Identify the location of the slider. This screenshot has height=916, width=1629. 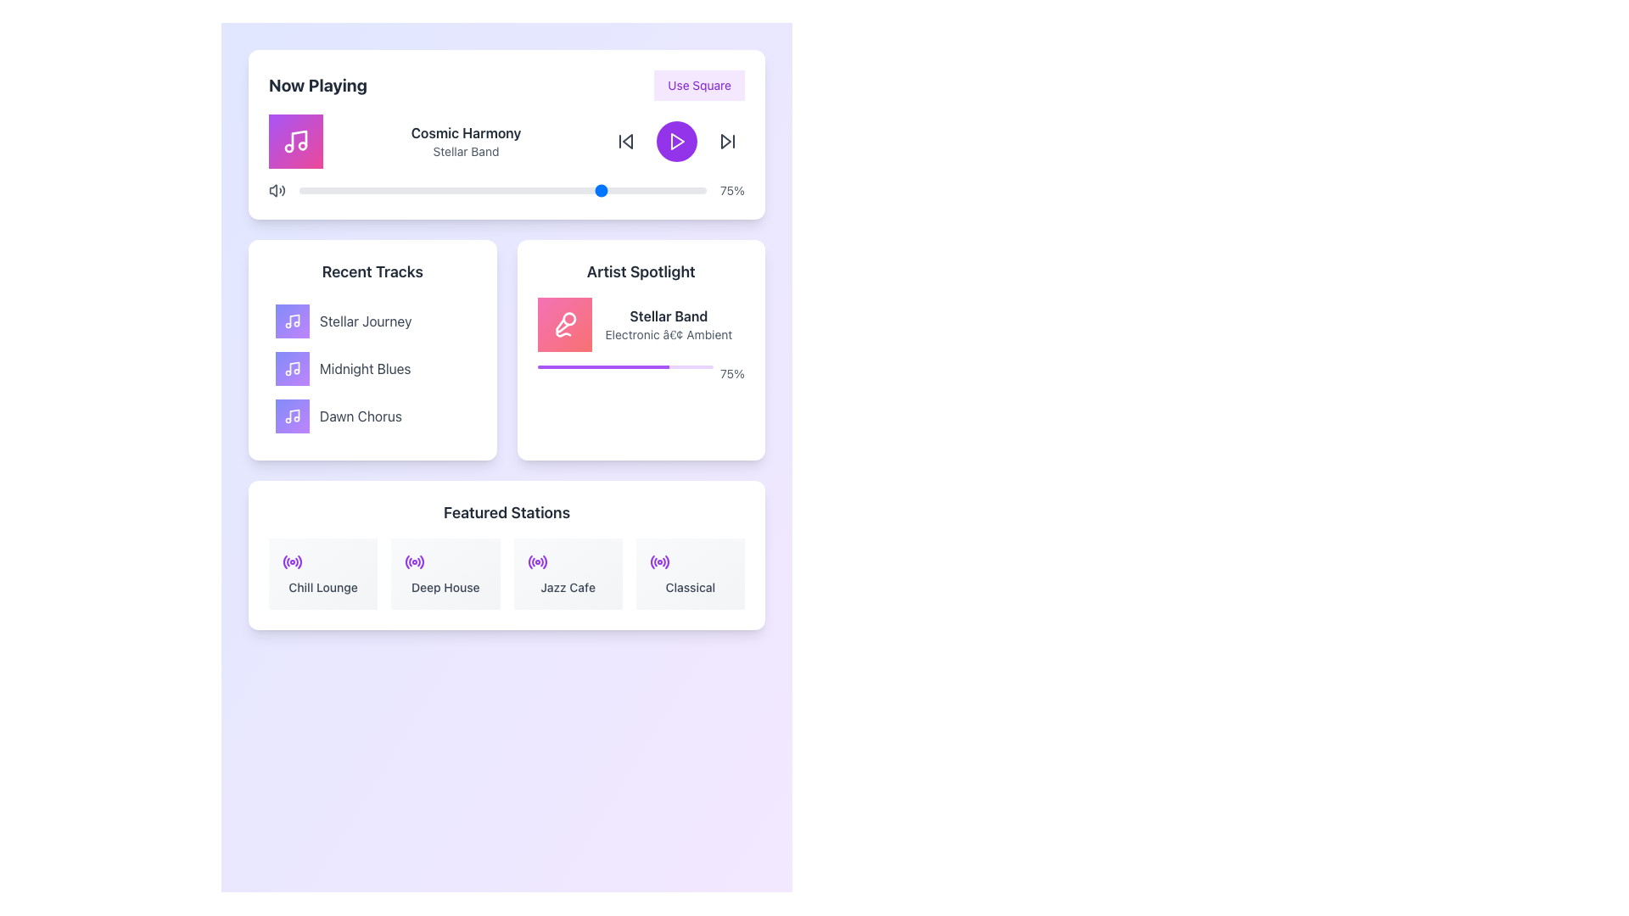
(628, 190).